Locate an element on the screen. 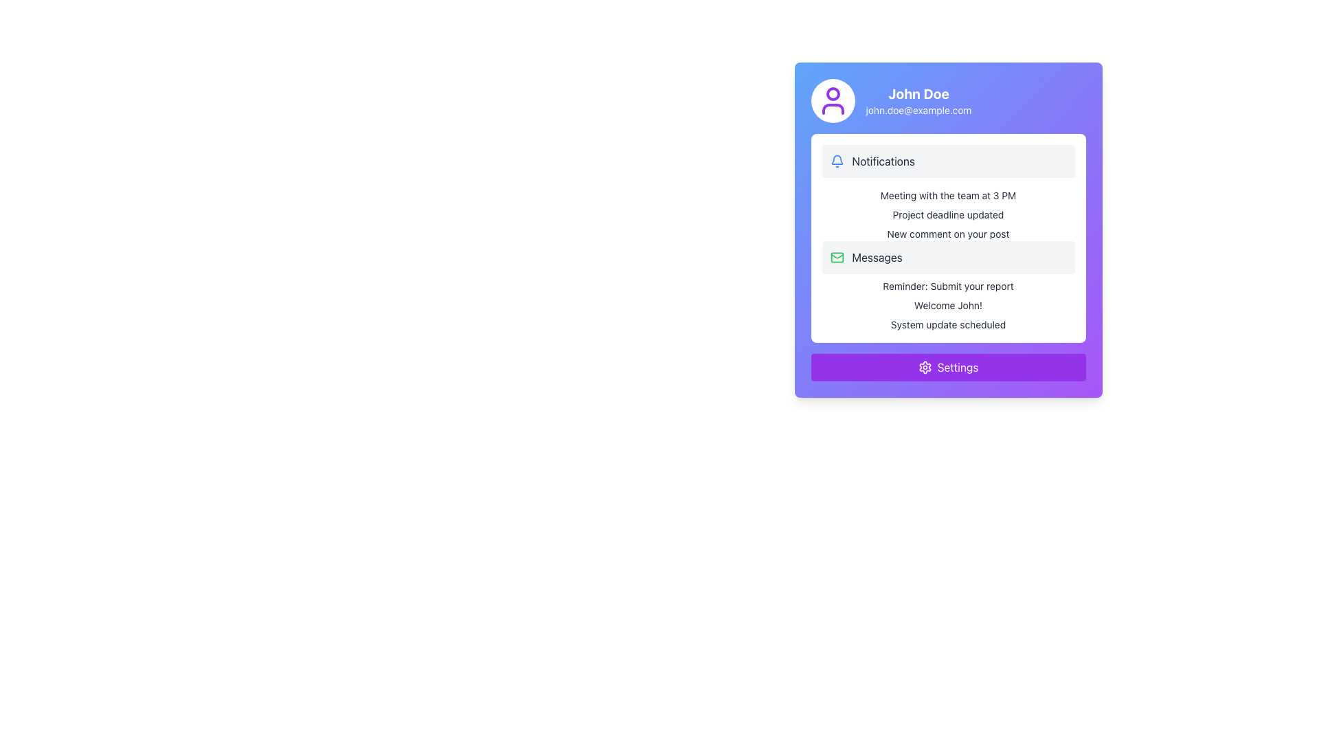 This screenshot has width=1319, height=742. the notifications text block containing 'Meeting with the team at 3 PM', 'Project deadline updated', and 'New comment on your post' to potentially see additional details or highlights is located at coordinates (947, 214).